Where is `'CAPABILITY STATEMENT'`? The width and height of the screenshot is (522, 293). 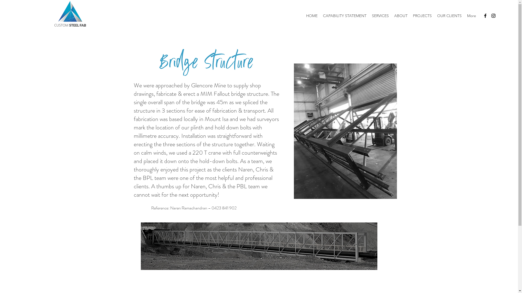 'CAPABILITY STATEMENT' is located at coordinates (320, 15).